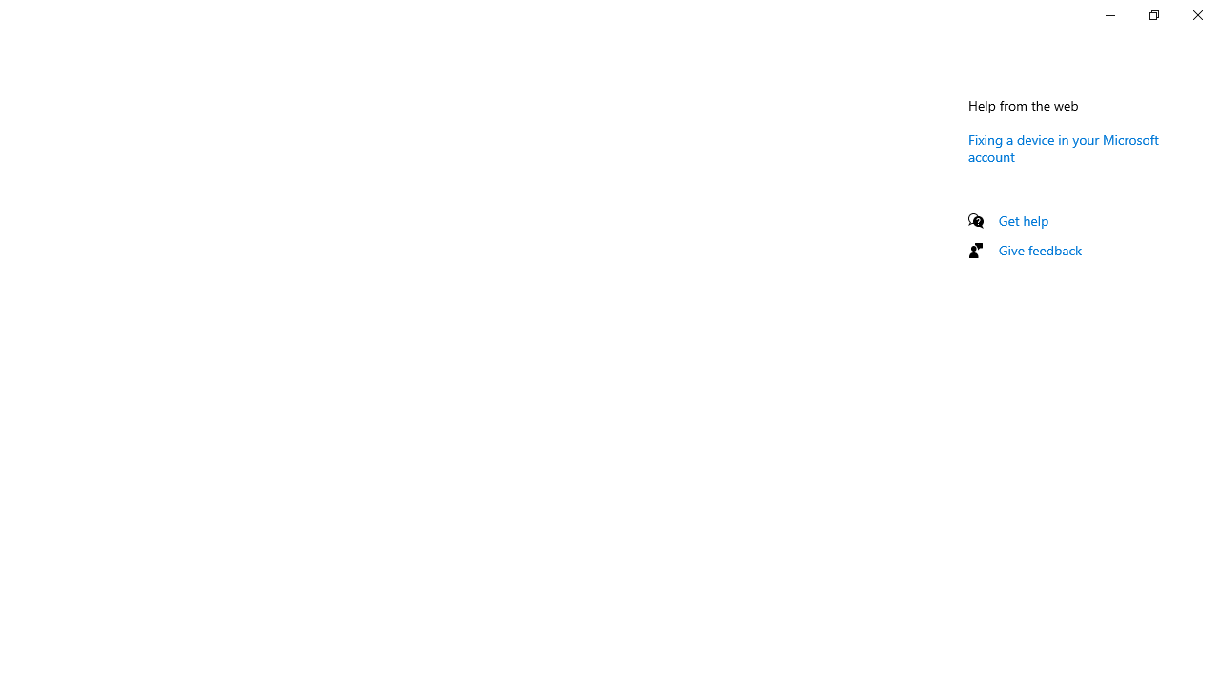  I want to click on 'Fixing a device in your Microsoft account', so click(1063, 147).